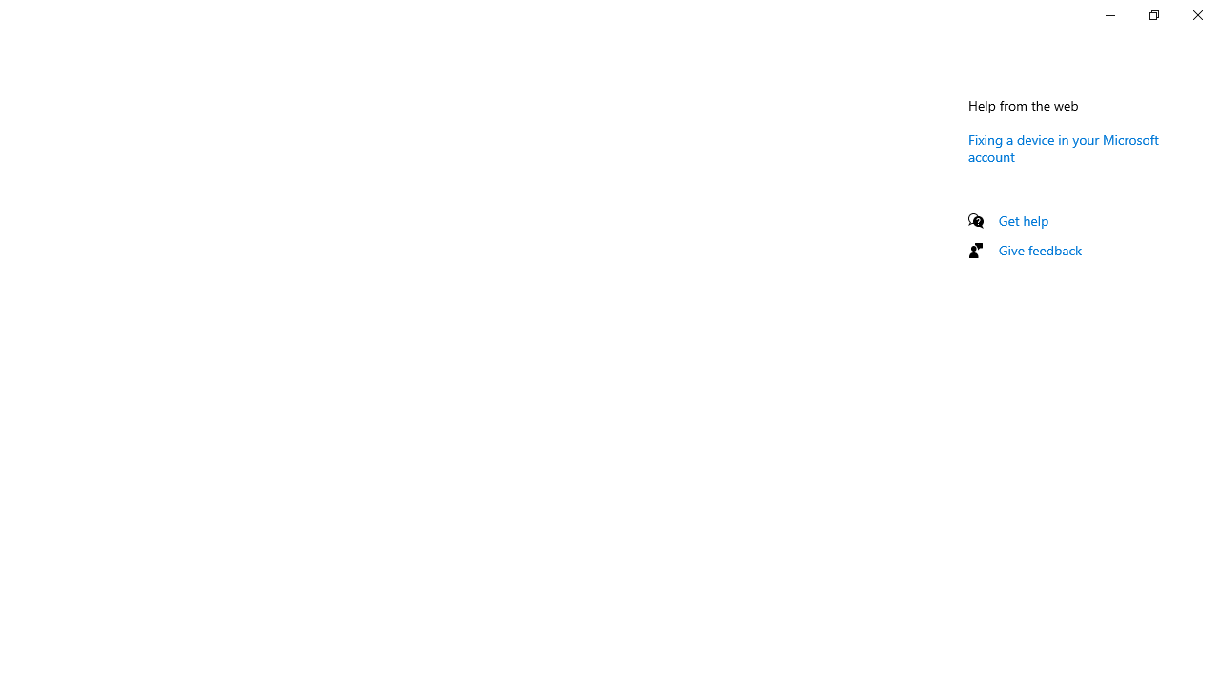  I want to click on 'Fixing a device in your Microsoft account', so click(1063, 147).